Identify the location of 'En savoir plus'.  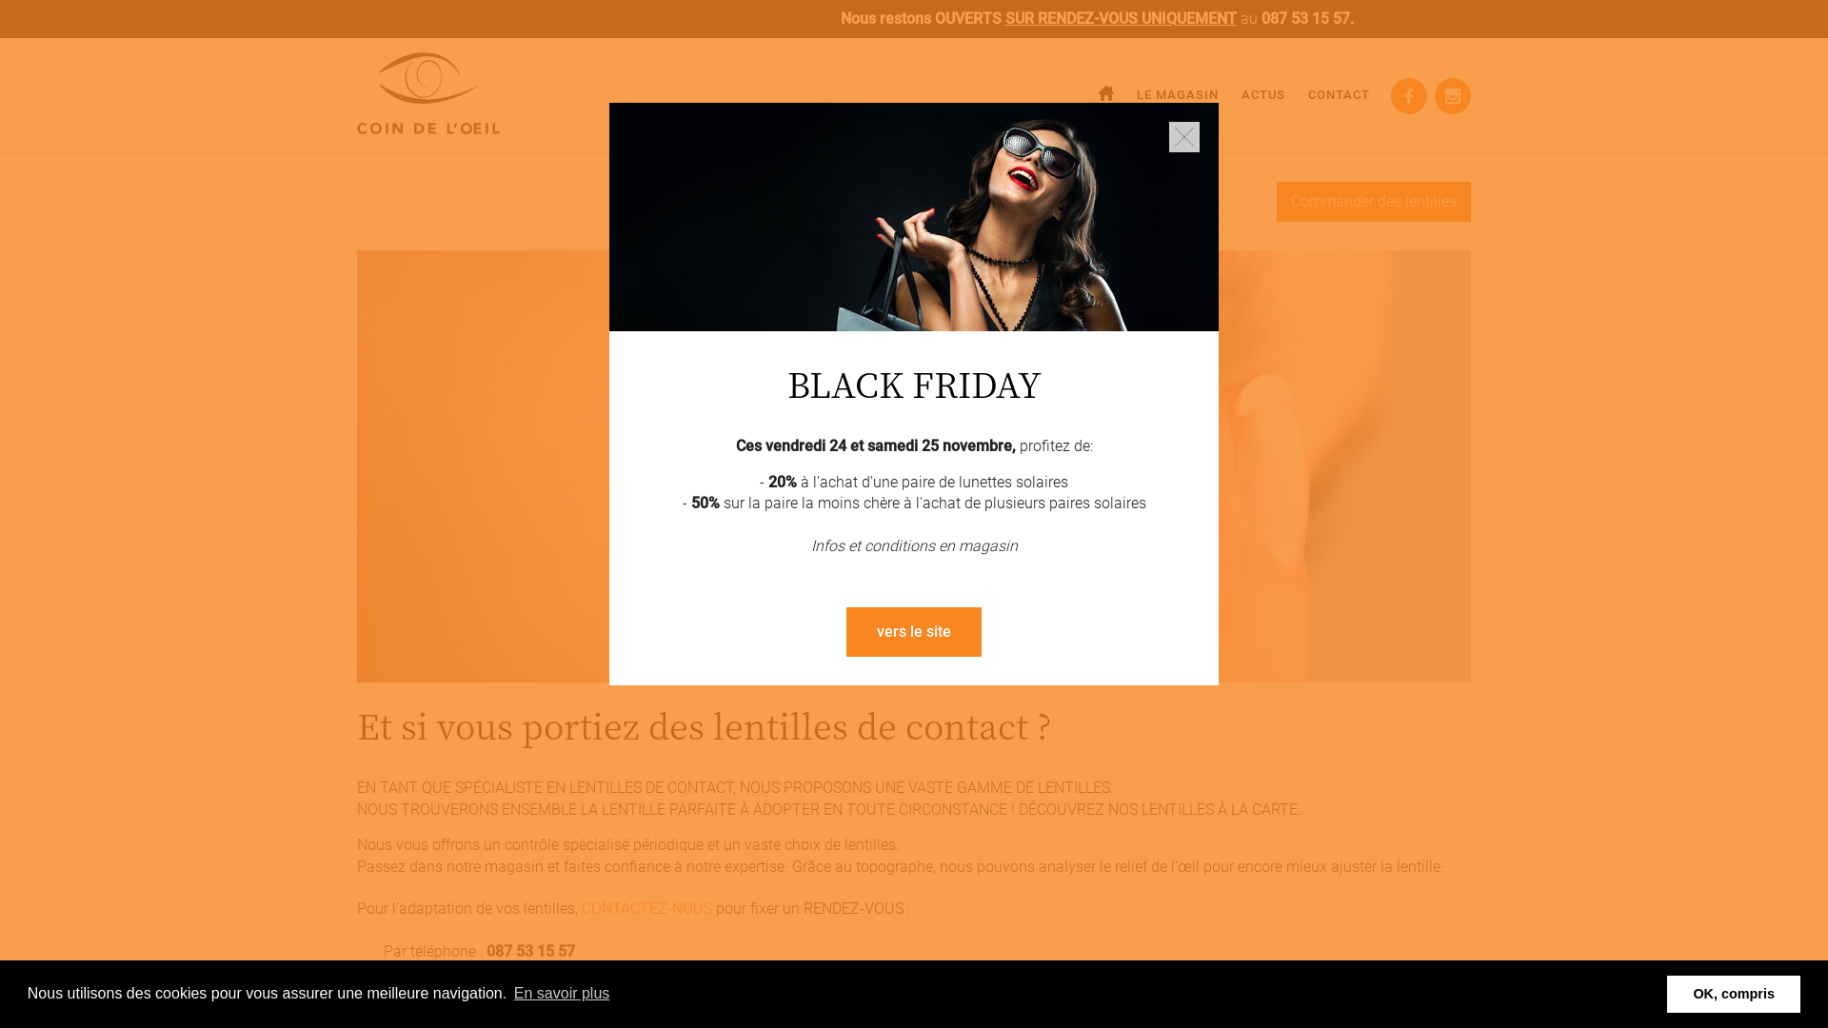
(511, 993).